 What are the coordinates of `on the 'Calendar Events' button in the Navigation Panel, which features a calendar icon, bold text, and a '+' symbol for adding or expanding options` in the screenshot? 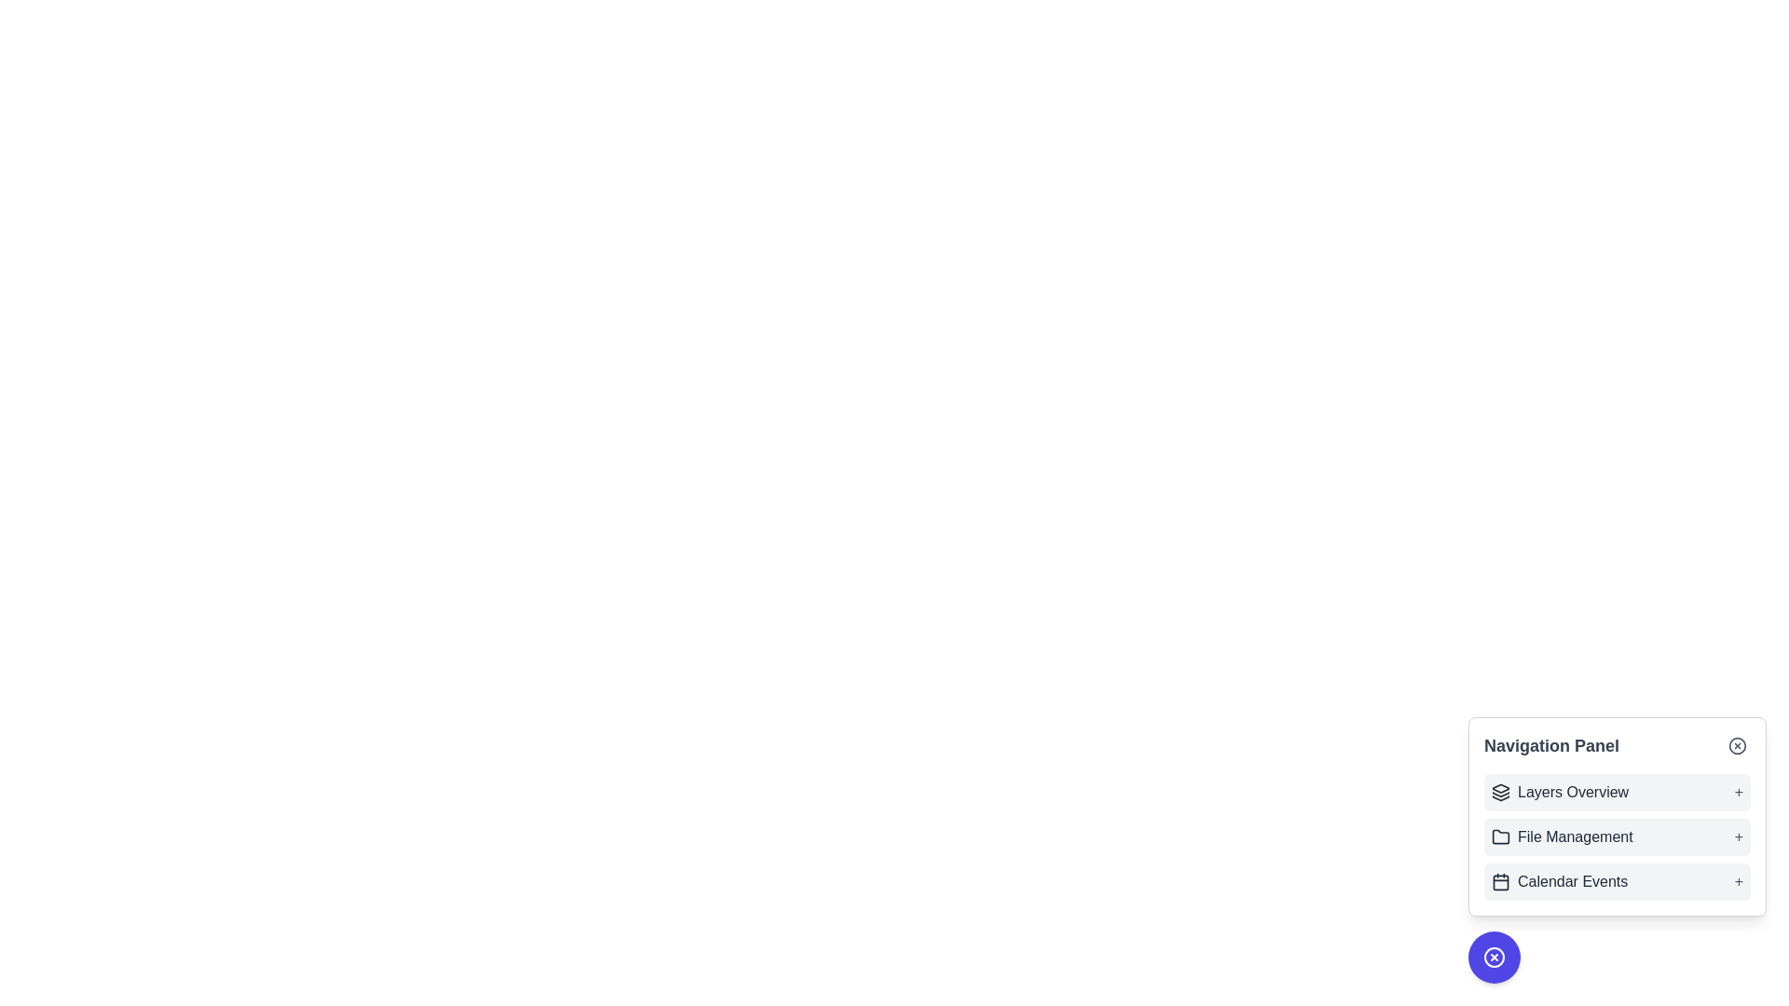 It's located at (1617, 881).